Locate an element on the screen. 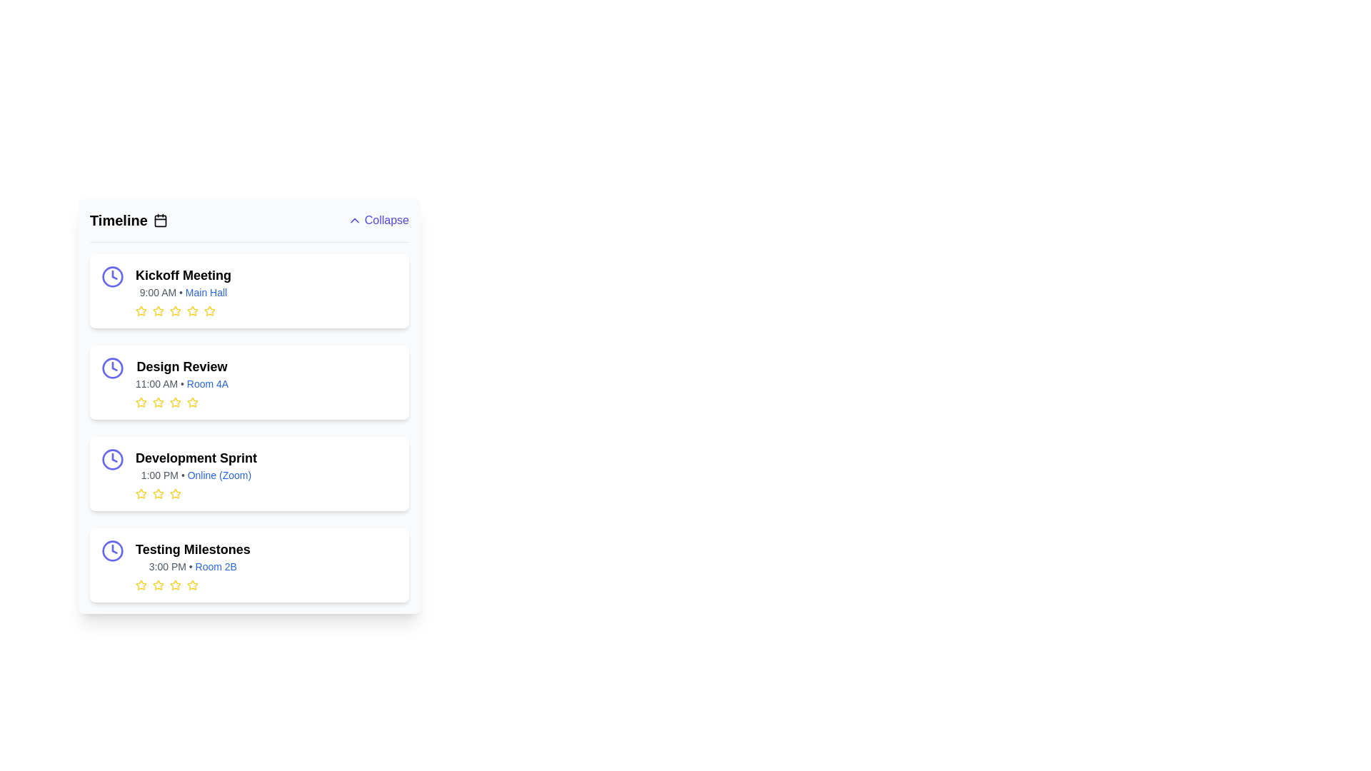 This screenshot has width=1371, height=771. the bold title text 'Development Sprint' located at the top of the third card in the vertical timeline interface is located at coordinates (195, 458).